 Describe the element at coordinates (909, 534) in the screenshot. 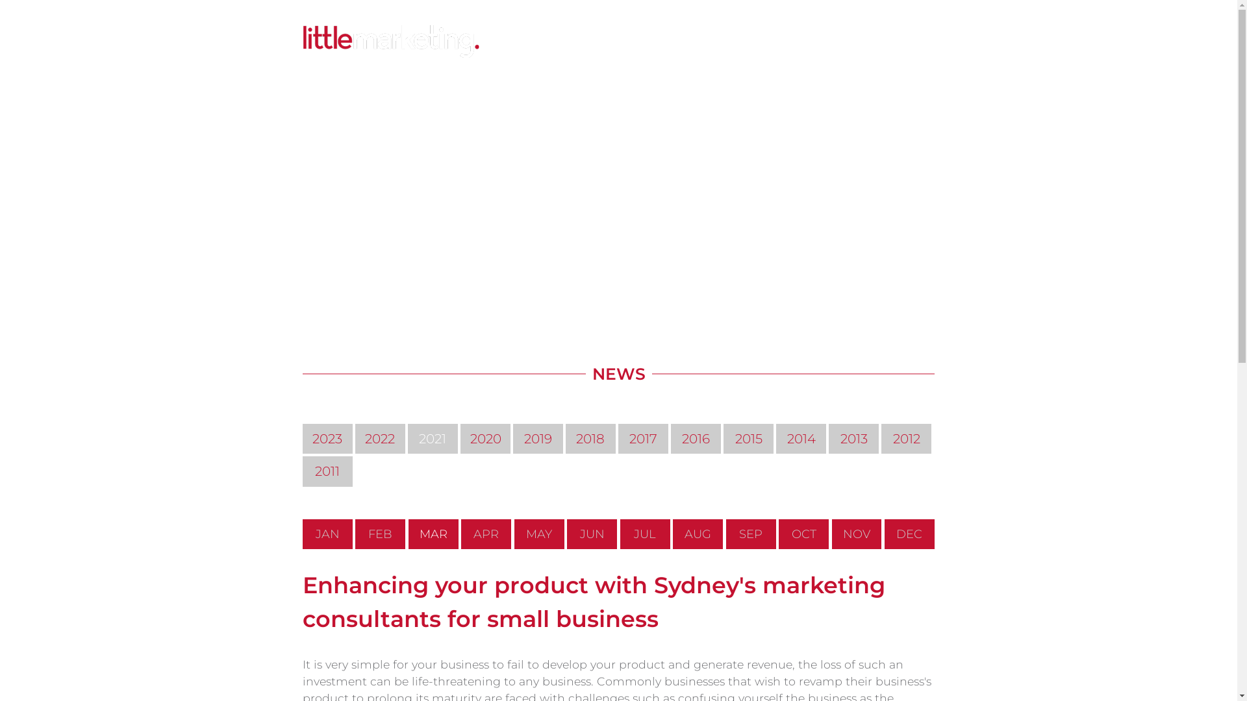

I see `'DEC'` at that location.